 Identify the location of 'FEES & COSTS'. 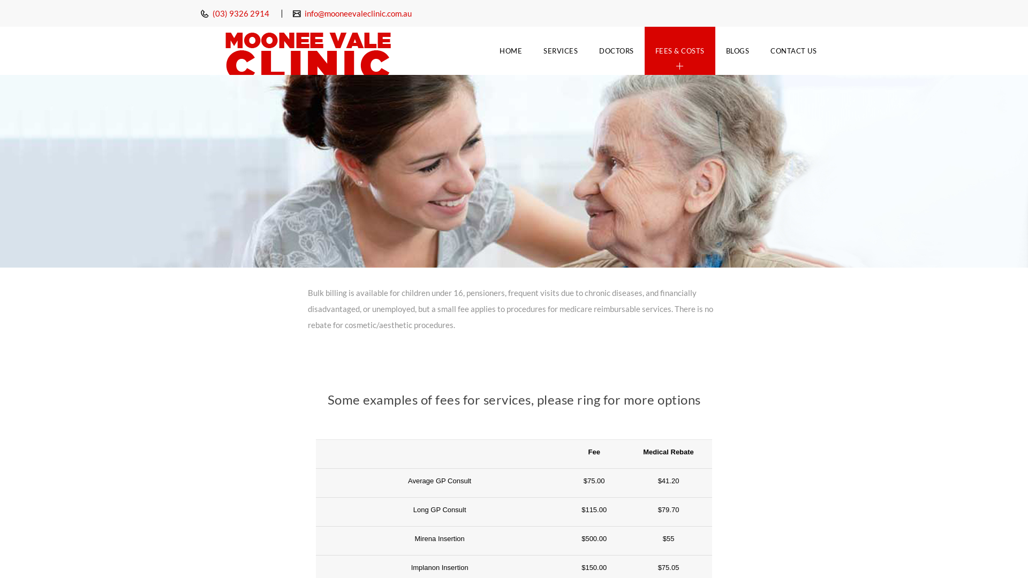
(679, 51).